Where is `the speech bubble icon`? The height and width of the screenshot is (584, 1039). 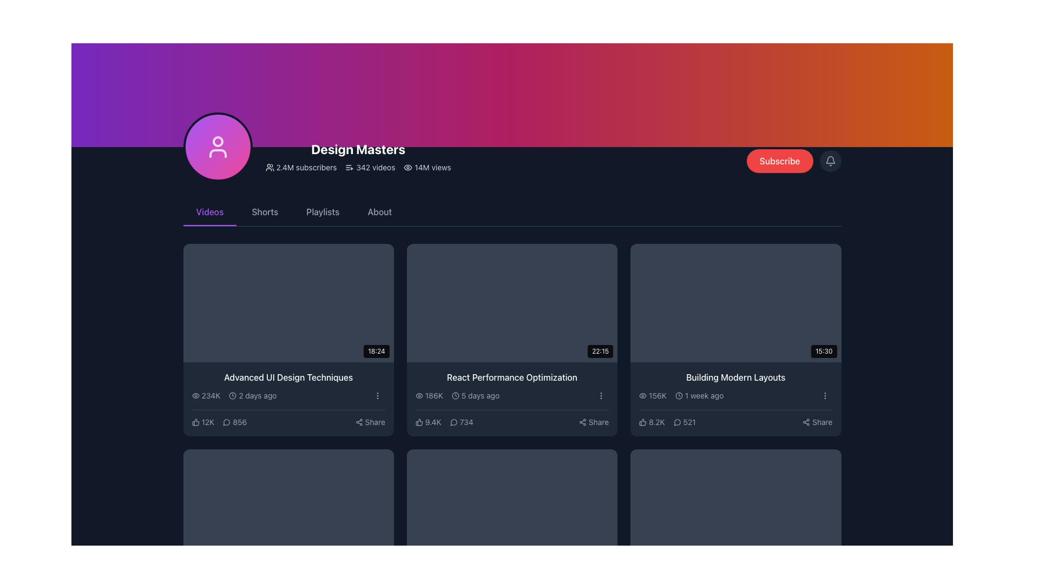
the speech bubble icon is located at coordinates (453, 421).